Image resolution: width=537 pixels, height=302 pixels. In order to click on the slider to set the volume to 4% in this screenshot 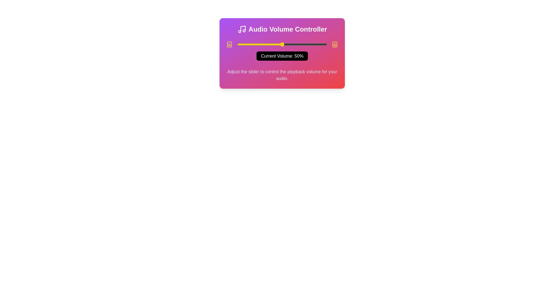, I will do `click(241, 44)`.